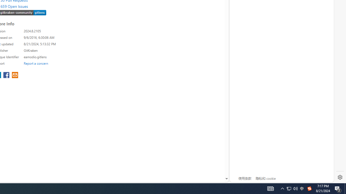 This screenshot has height=194, width=346. I want to click on 'User Promoted Notification Area', so click(289, 188).